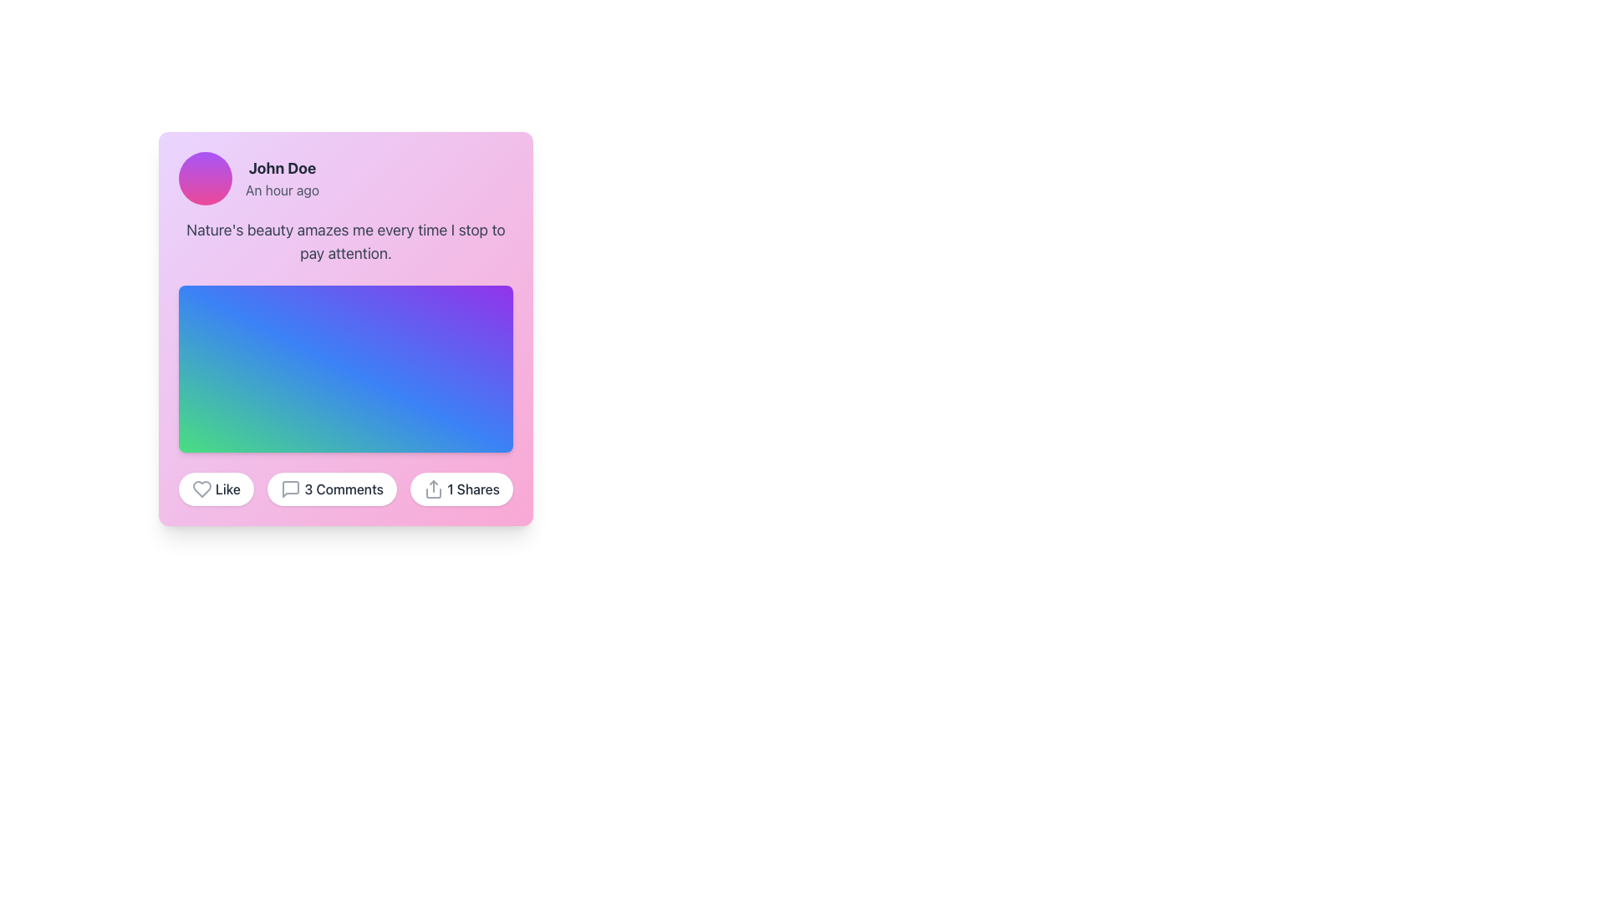 This screenshot has width=1605, height=902. Describe the element at coordinates (201, 489) in the screenshot. I see `the heart icon representing the 'like' action located in the bottom-left corner of the horizontal toolbar for post interactions` at that location.